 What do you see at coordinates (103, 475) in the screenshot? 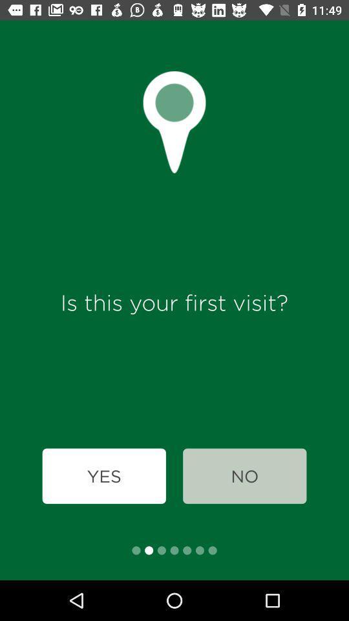
I see `the icon next to the no icon` at bounding box center [103, 475].